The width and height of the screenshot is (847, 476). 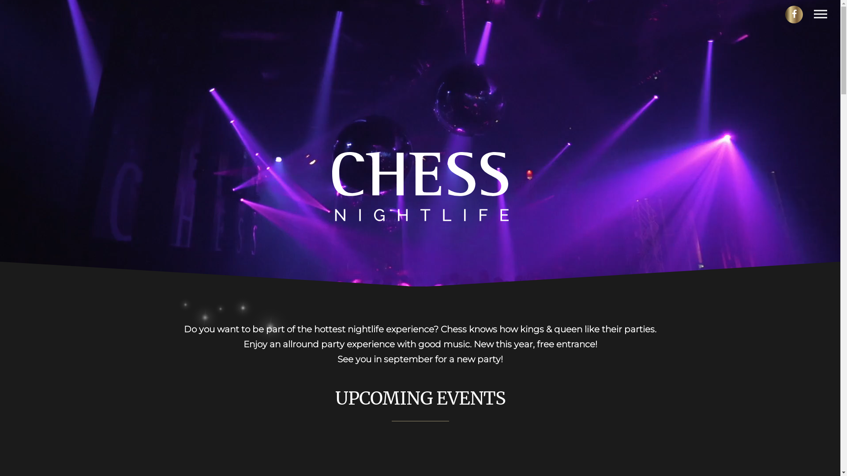 I want to click on 'facebook', so click(x=794, y=15).